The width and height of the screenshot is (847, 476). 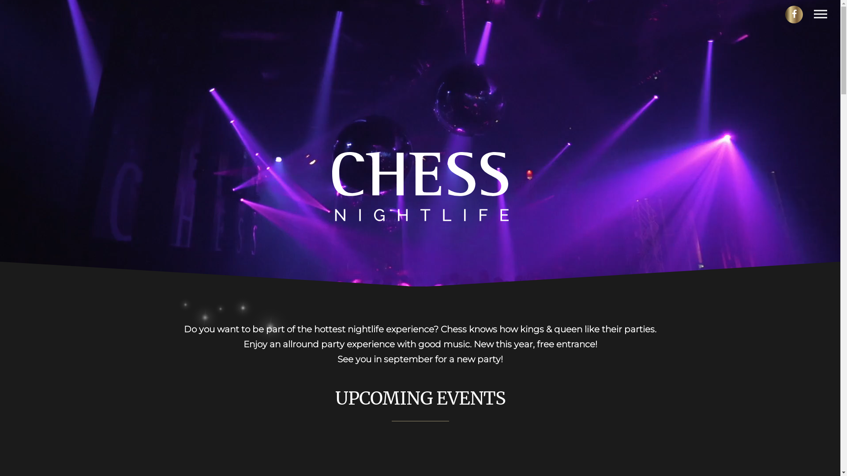 I want to click on 'facebook', so click(x=794, y=15).